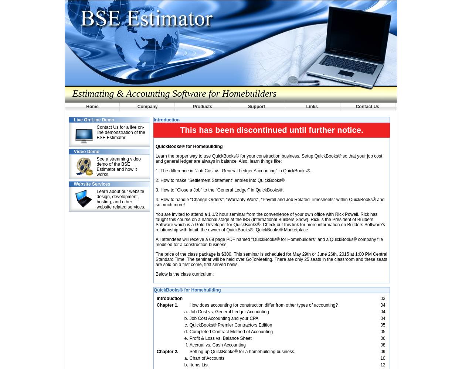 This screenshot has width=462, height=369. Describe the element at coordinates (94, 21) in the screenshot. I see `'Partner Inquiries'` at that location.